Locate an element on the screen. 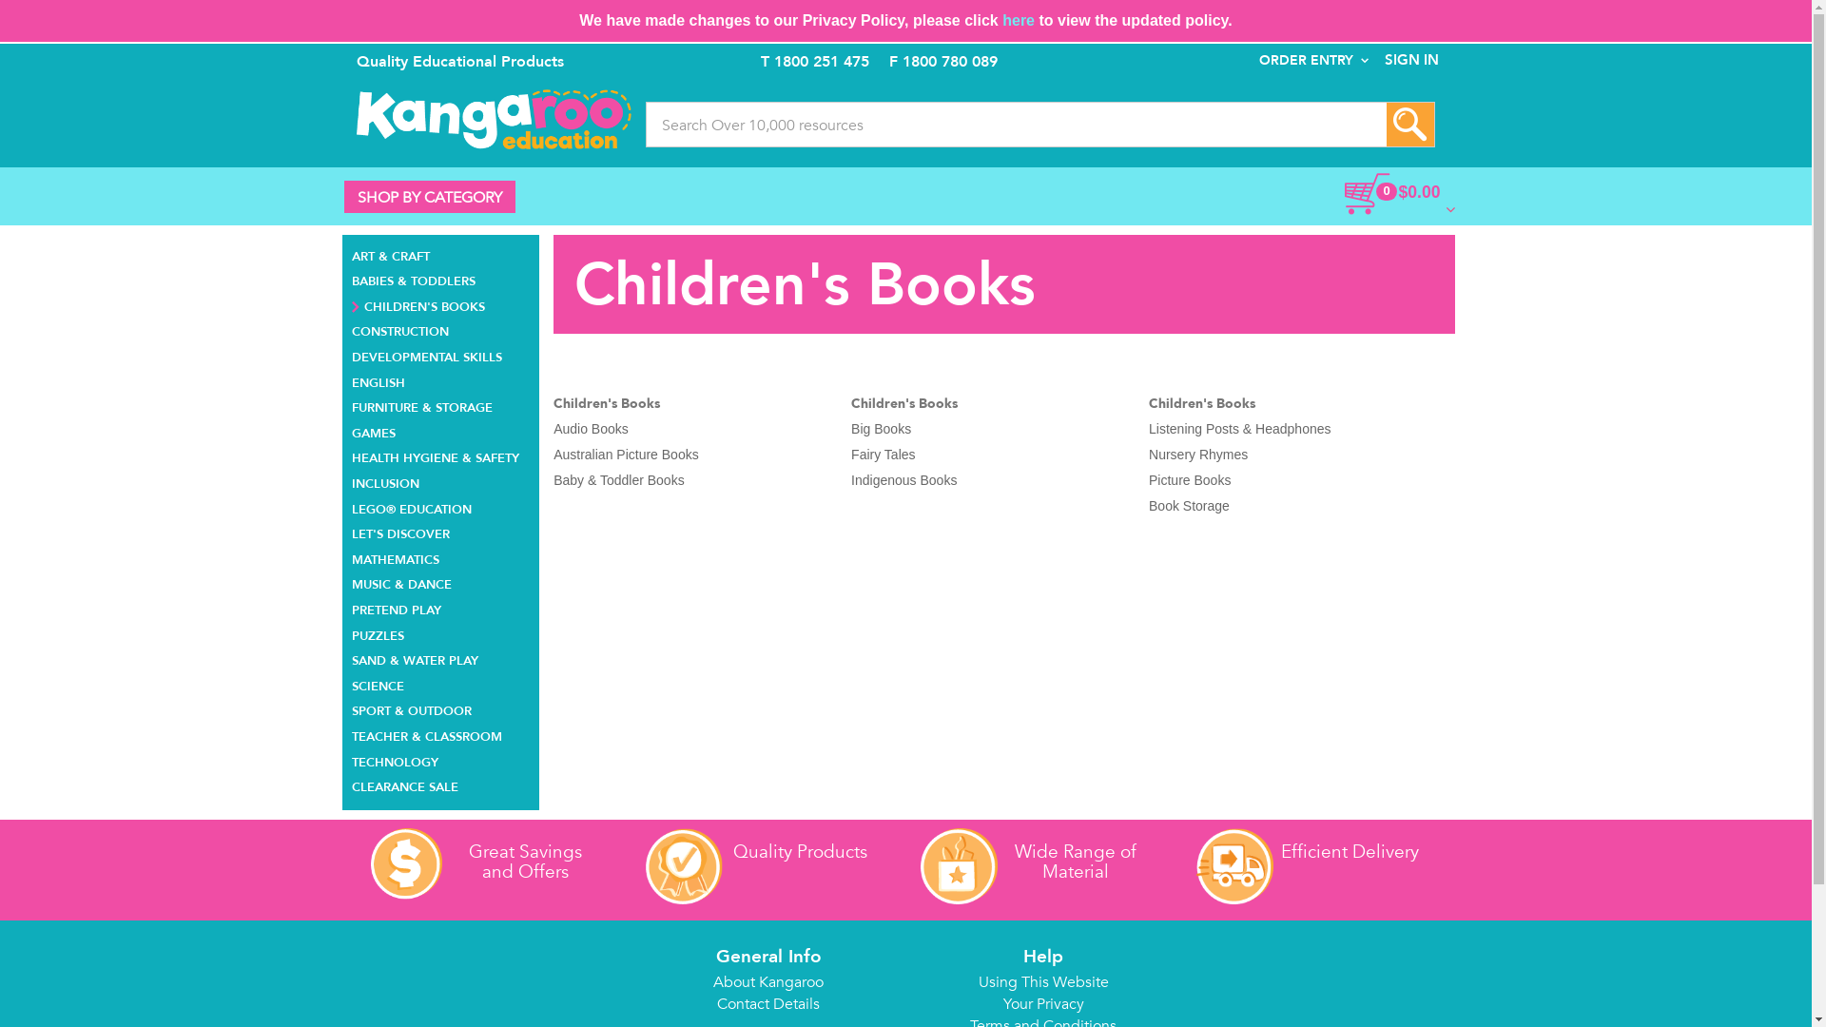 The image size is (1826, 1027). '0 is located at coordinates (1355, 193).